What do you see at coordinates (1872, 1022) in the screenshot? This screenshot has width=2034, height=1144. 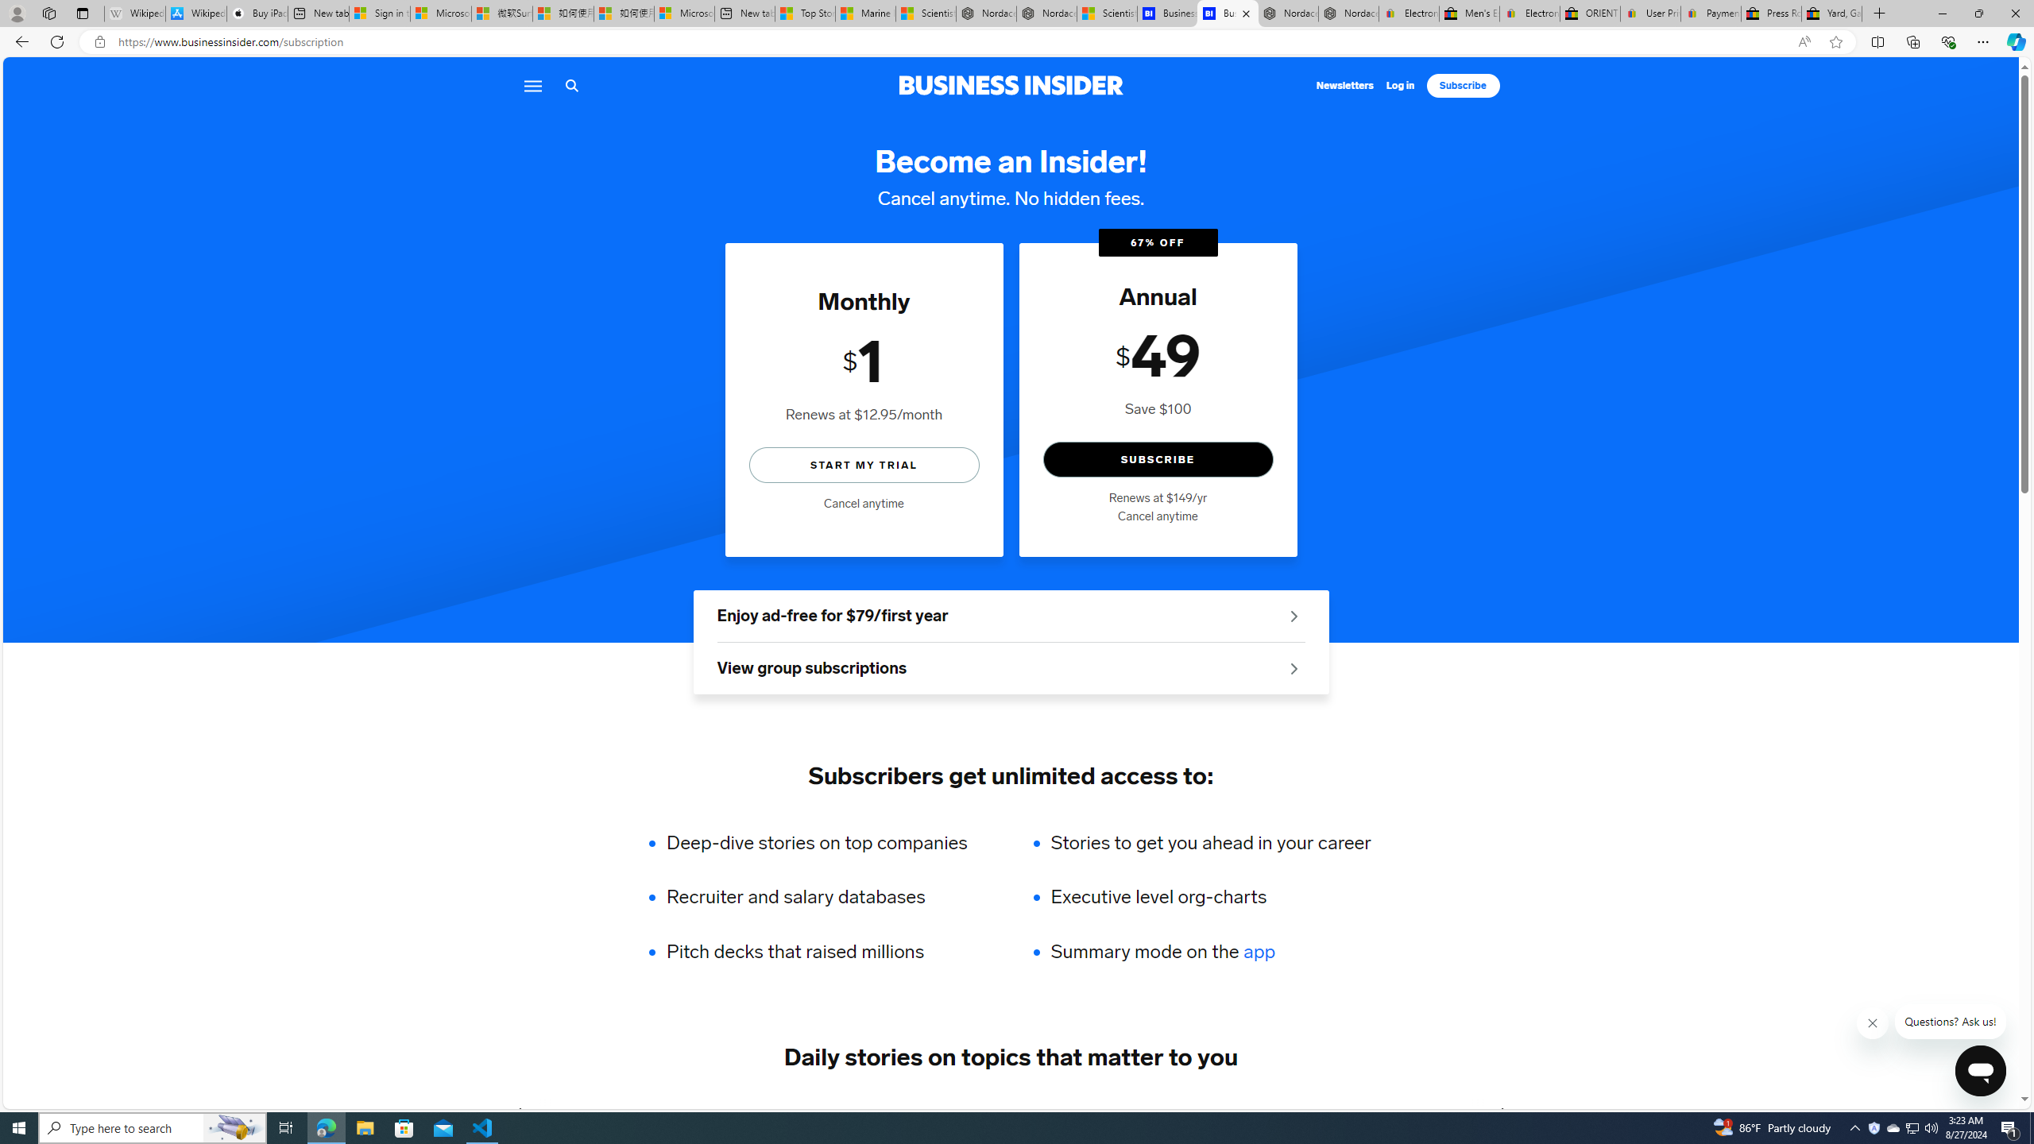 I see `'Class: sc-1uf0igr-1 fjHZYk'` at bounding box center [1872, 1022].